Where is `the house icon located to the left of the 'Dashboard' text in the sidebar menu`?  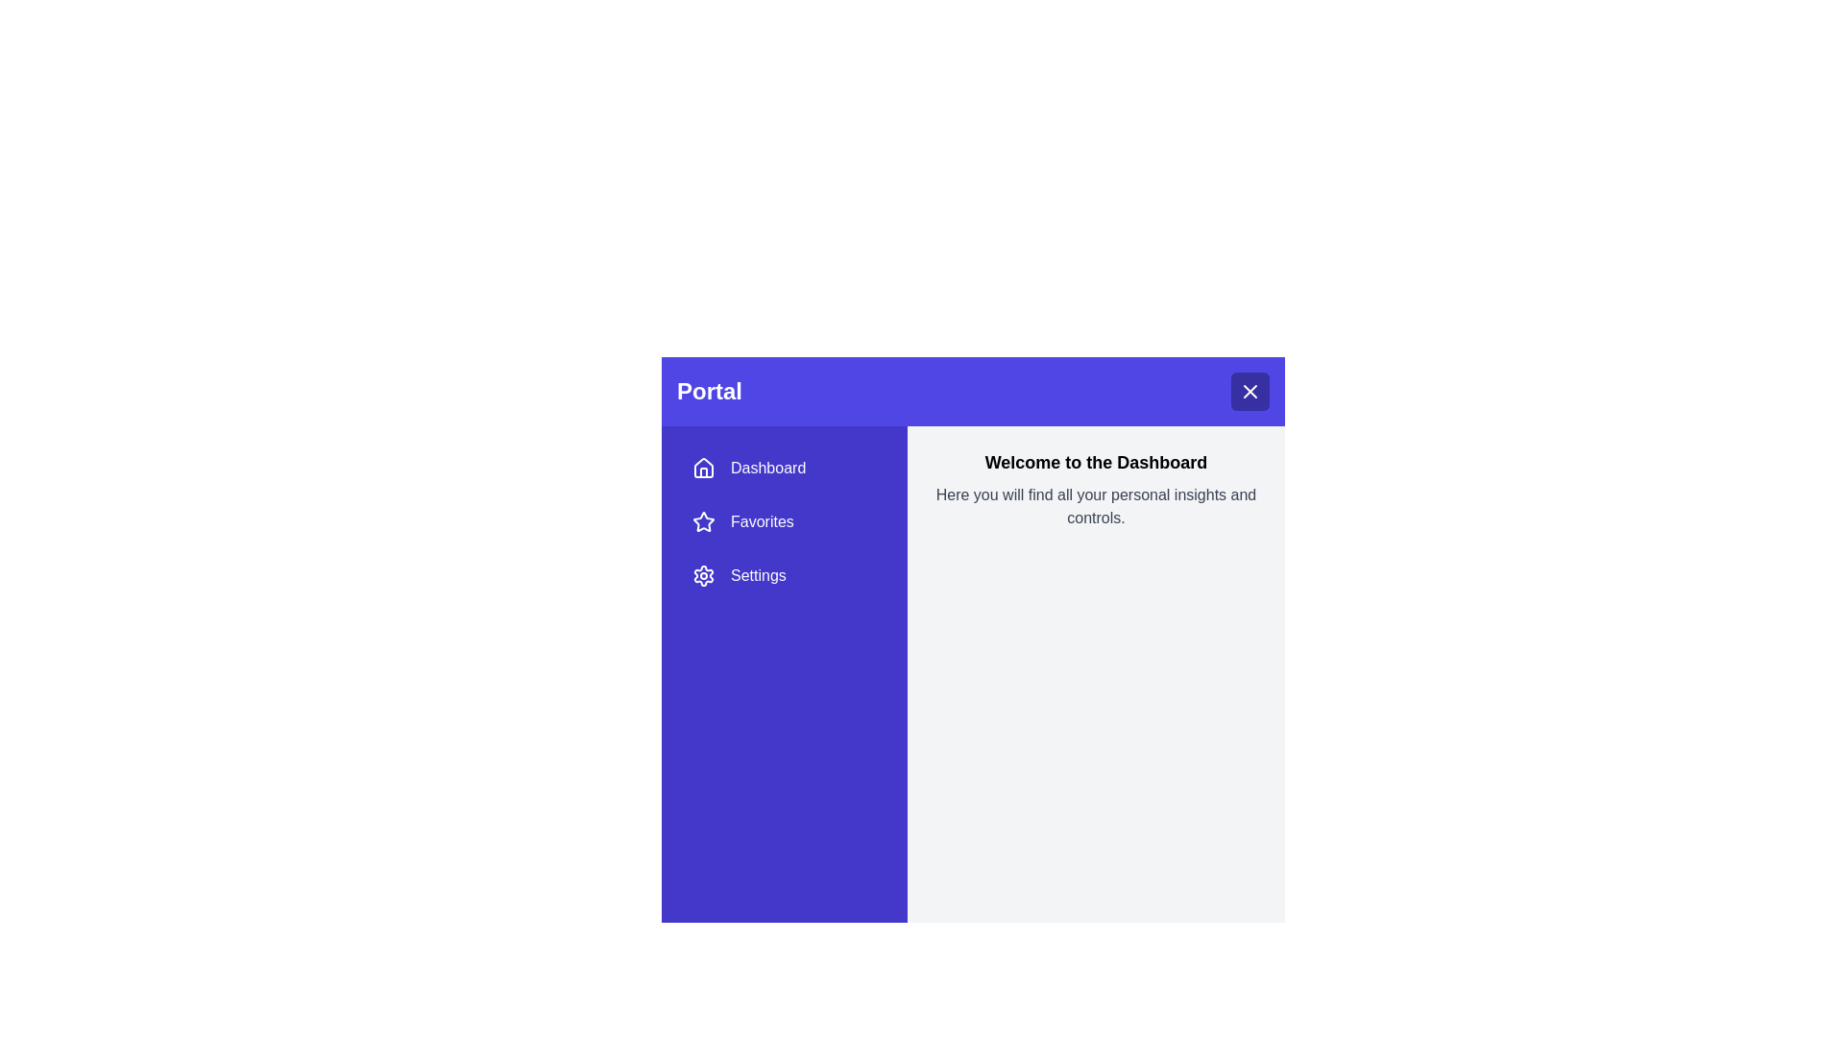 the house icon located to the left of the 'Dashboard' text in the sidebar menu is located at coordinates (703, 469).